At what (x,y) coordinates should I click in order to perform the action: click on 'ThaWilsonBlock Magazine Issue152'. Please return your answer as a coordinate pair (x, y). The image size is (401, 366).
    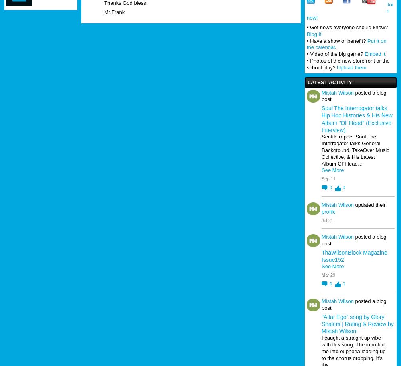
    Looking at the image, I should click on (354, 255).